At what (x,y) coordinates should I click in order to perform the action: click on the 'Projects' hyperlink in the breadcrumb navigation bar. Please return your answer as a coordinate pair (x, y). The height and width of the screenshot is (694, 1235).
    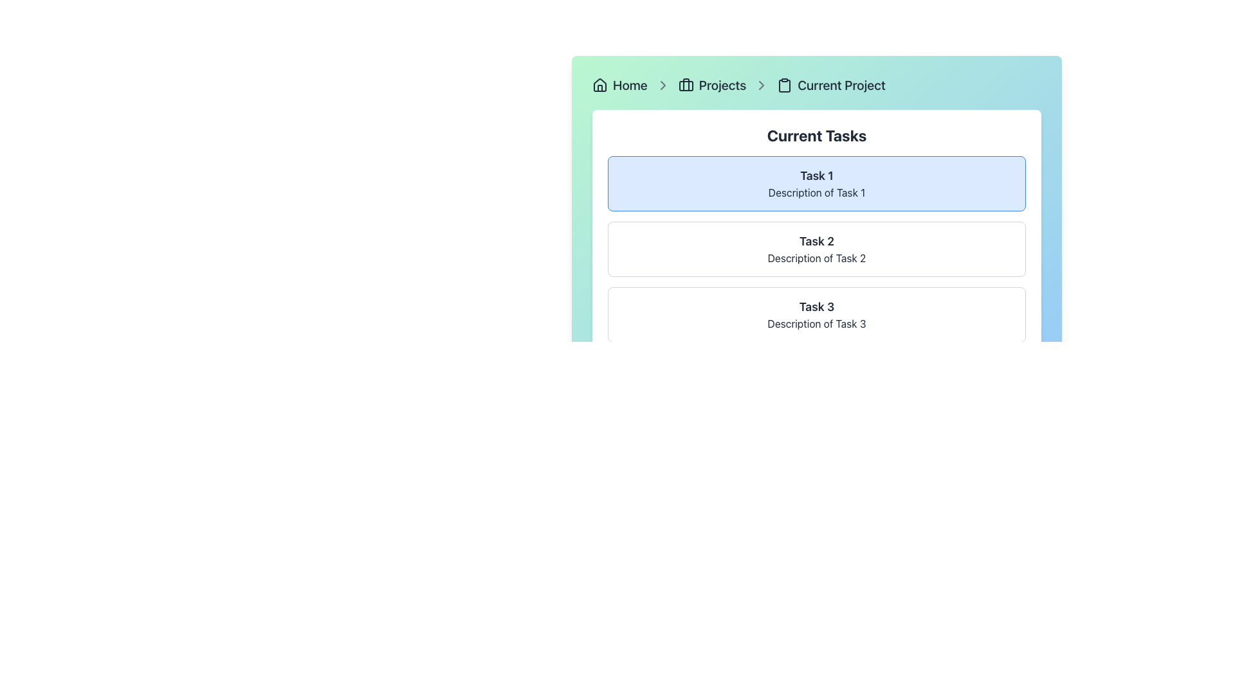
    Looking at the image, I should click on (722, 85).